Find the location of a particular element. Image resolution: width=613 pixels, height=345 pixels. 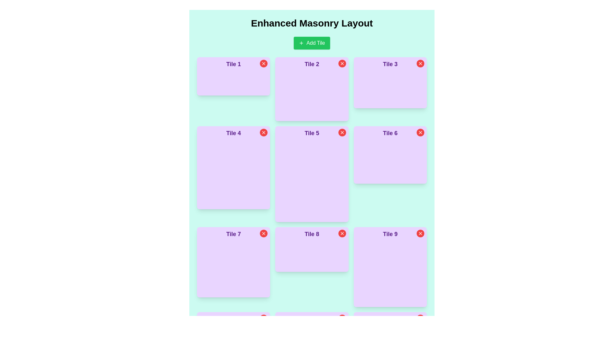

the purple-colored tile labeled 'Tile 6' is located at coordinates (390, 155).